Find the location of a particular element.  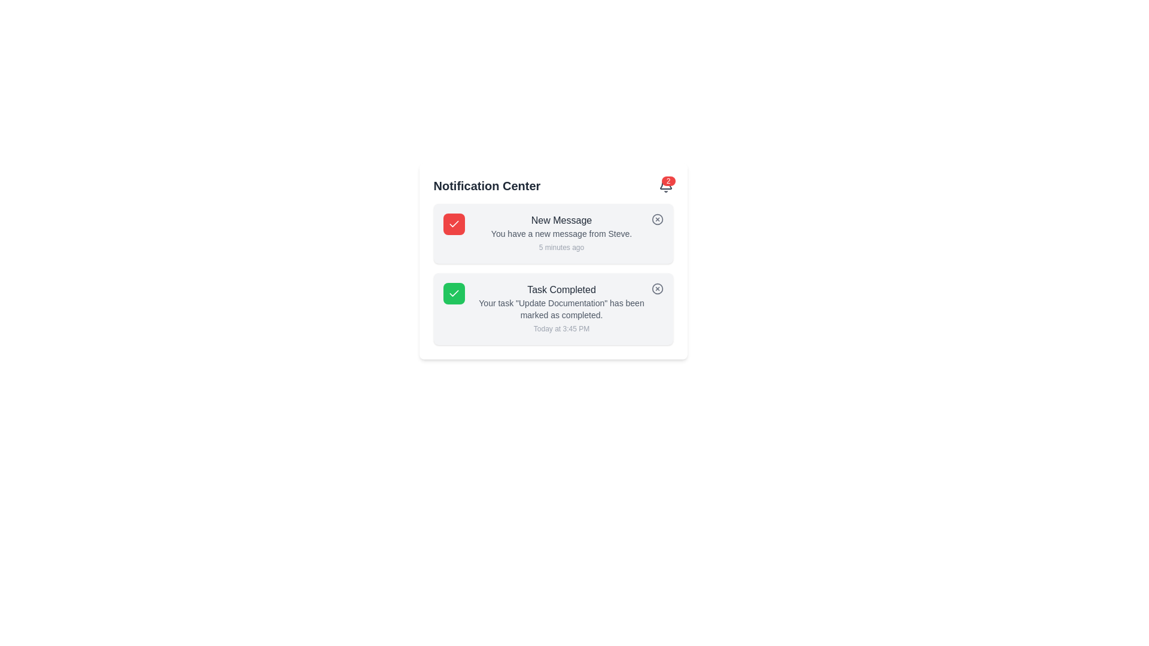

the green Icon Button with a white checkmark that signifies completion, located within the task completion notification card is located at coordinates (453, 293).